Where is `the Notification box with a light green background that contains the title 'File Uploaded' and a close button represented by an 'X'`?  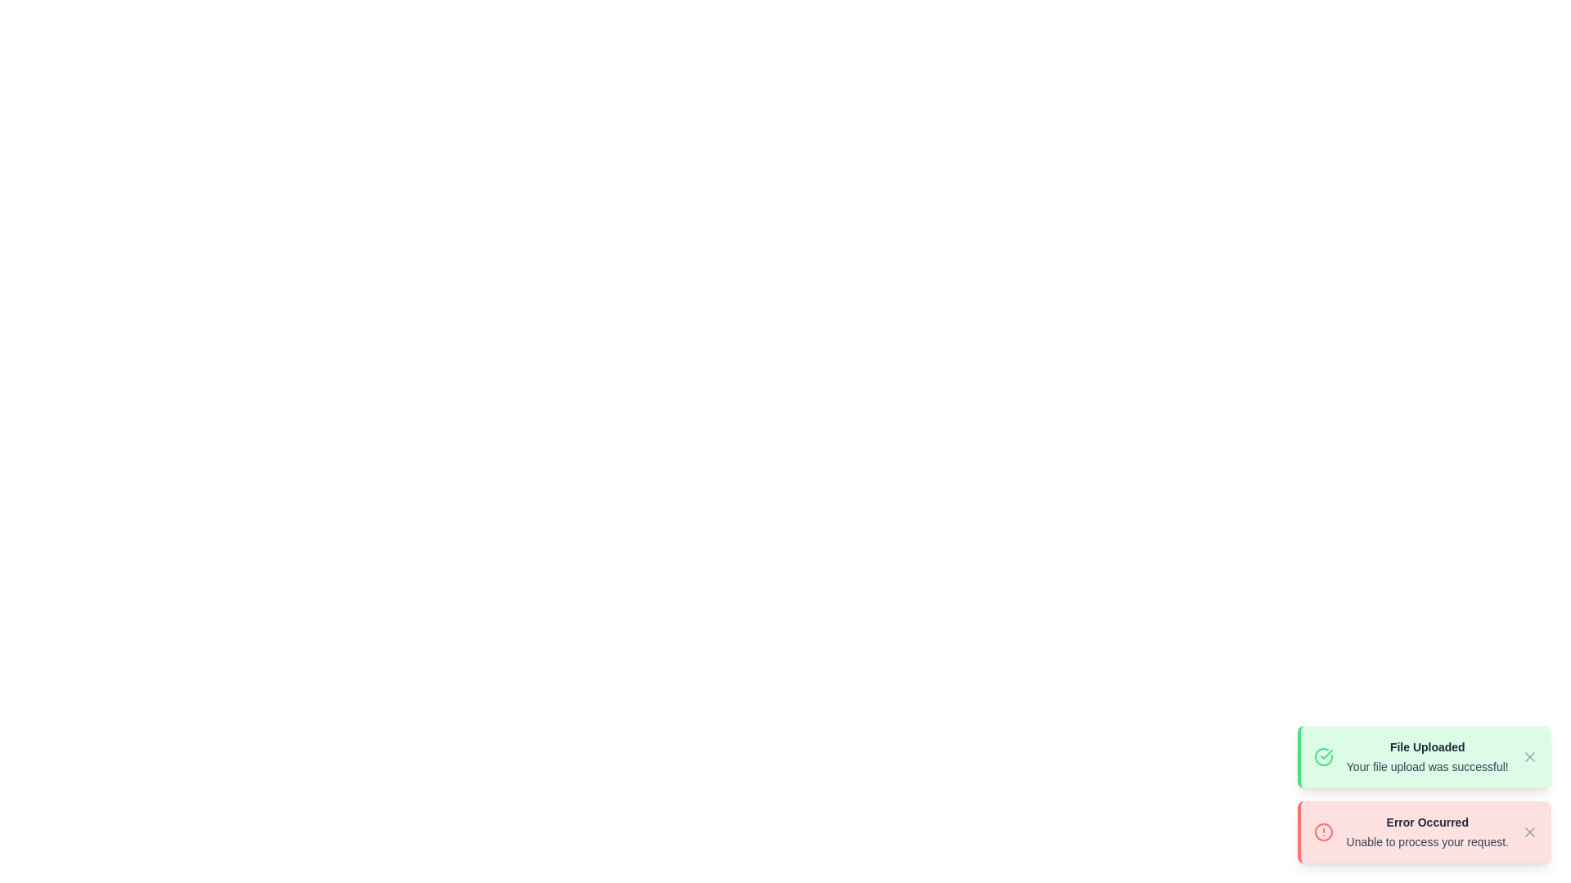 the Notification box with a light green background that contains the title 'File Uploaded' and a close button represented by an 'X' is located at coordinates (1423, 756).